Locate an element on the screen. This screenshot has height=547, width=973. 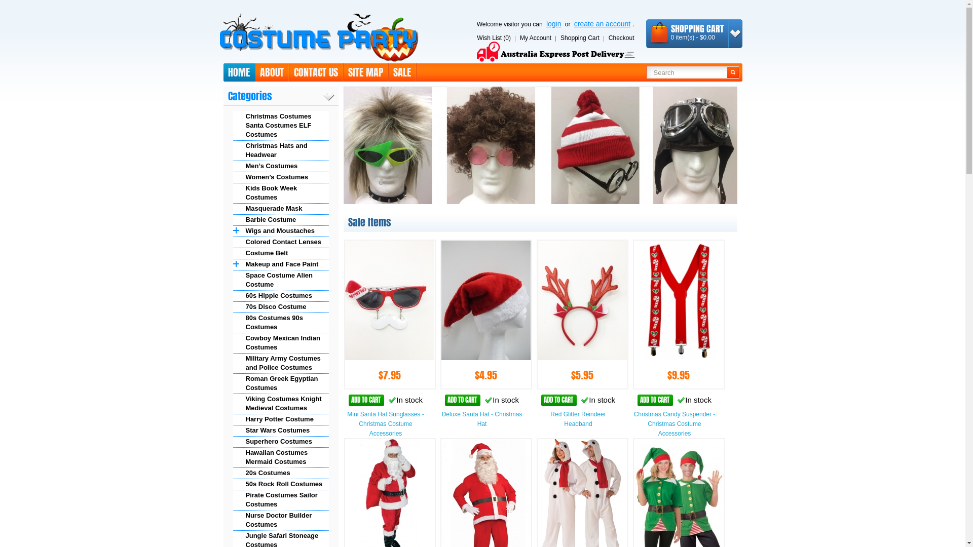
'CONTACT US' is located at coordinates (315, 71).